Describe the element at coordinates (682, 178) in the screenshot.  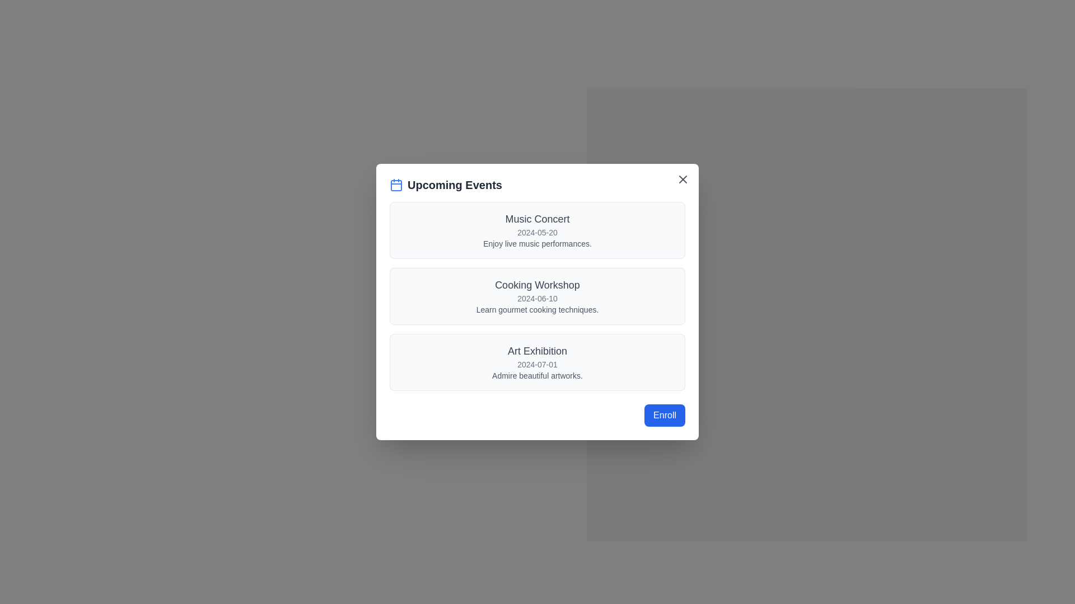
I see `the 'close' icon (X symbol) located in the upper-right corner of the 'Upcoming Events' modal dialog` at that location.